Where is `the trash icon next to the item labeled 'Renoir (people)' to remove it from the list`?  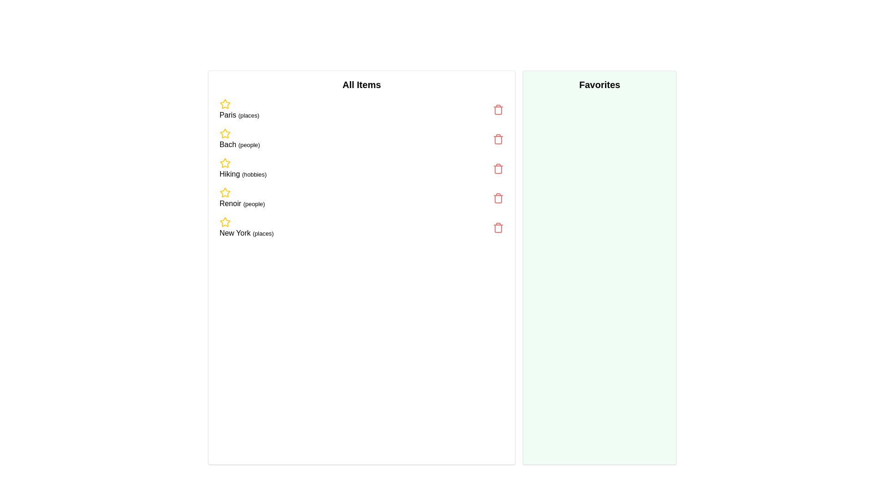
the trash icon next to the item labeled 'Renoir (people)' to remove it from the list is located at coordinates (498, 197).